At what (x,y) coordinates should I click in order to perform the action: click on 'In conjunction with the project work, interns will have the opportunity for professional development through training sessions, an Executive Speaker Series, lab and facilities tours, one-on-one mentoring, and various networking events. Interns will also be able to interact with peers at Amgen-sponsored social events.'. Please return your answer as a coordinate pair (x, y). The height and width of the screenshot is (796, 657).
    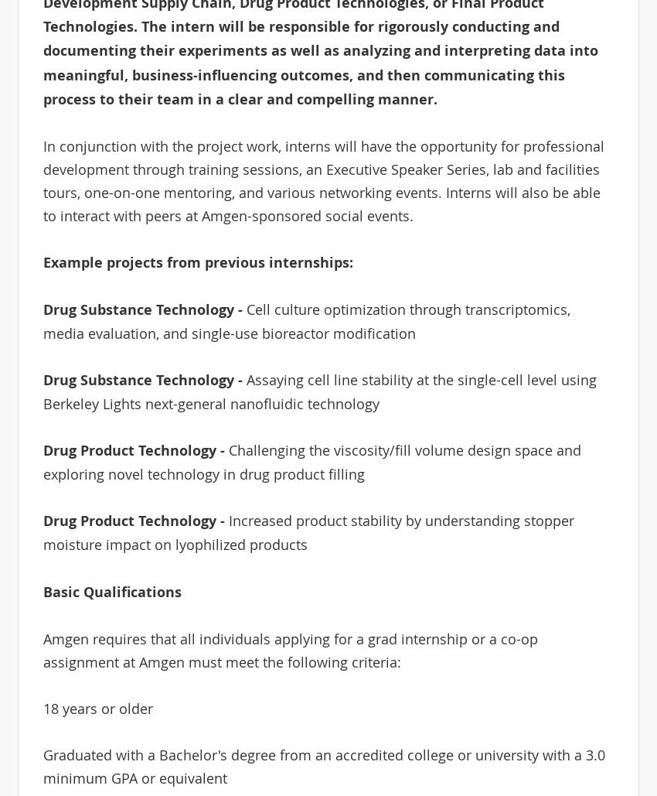
    Looking at the image, I should click on (323, 179).